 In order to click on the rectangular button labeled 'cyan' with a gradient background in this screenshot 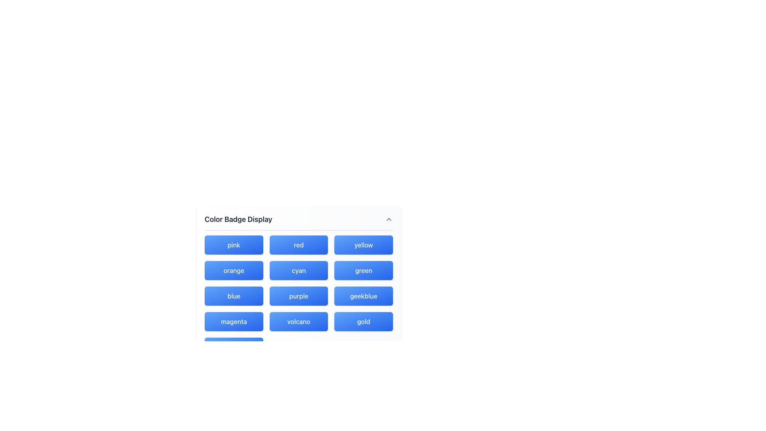, I will do `click(298, 270)`.